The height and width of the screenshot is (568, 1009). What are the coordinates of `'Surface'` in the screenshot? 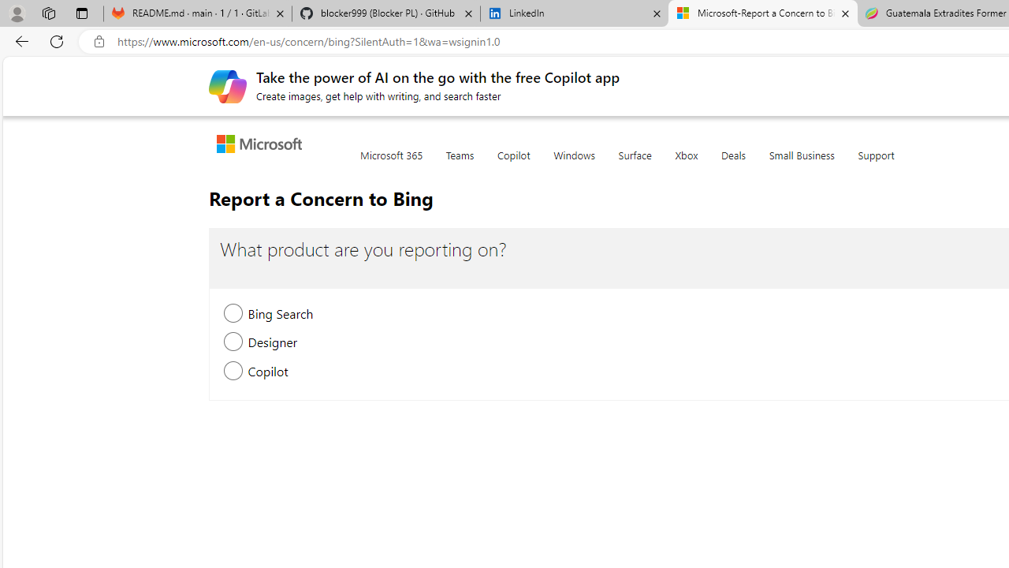 It's located at (635, 165).